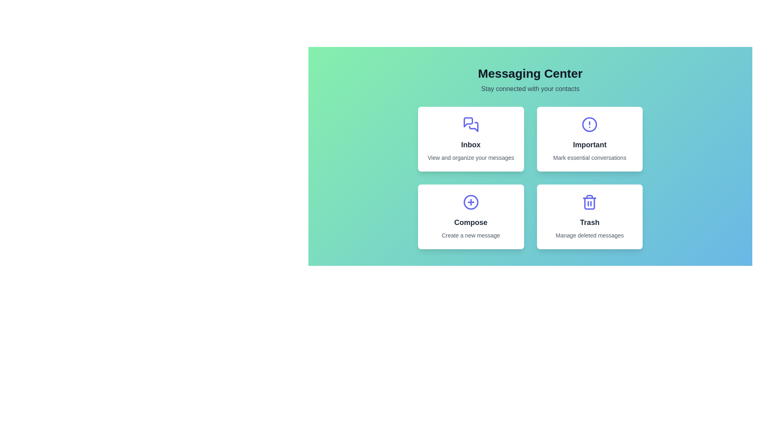  I want to click on the content of the text label reading 'Manage deleted messages' located at the bottom of the 'Trash' card, so click(590, 235).